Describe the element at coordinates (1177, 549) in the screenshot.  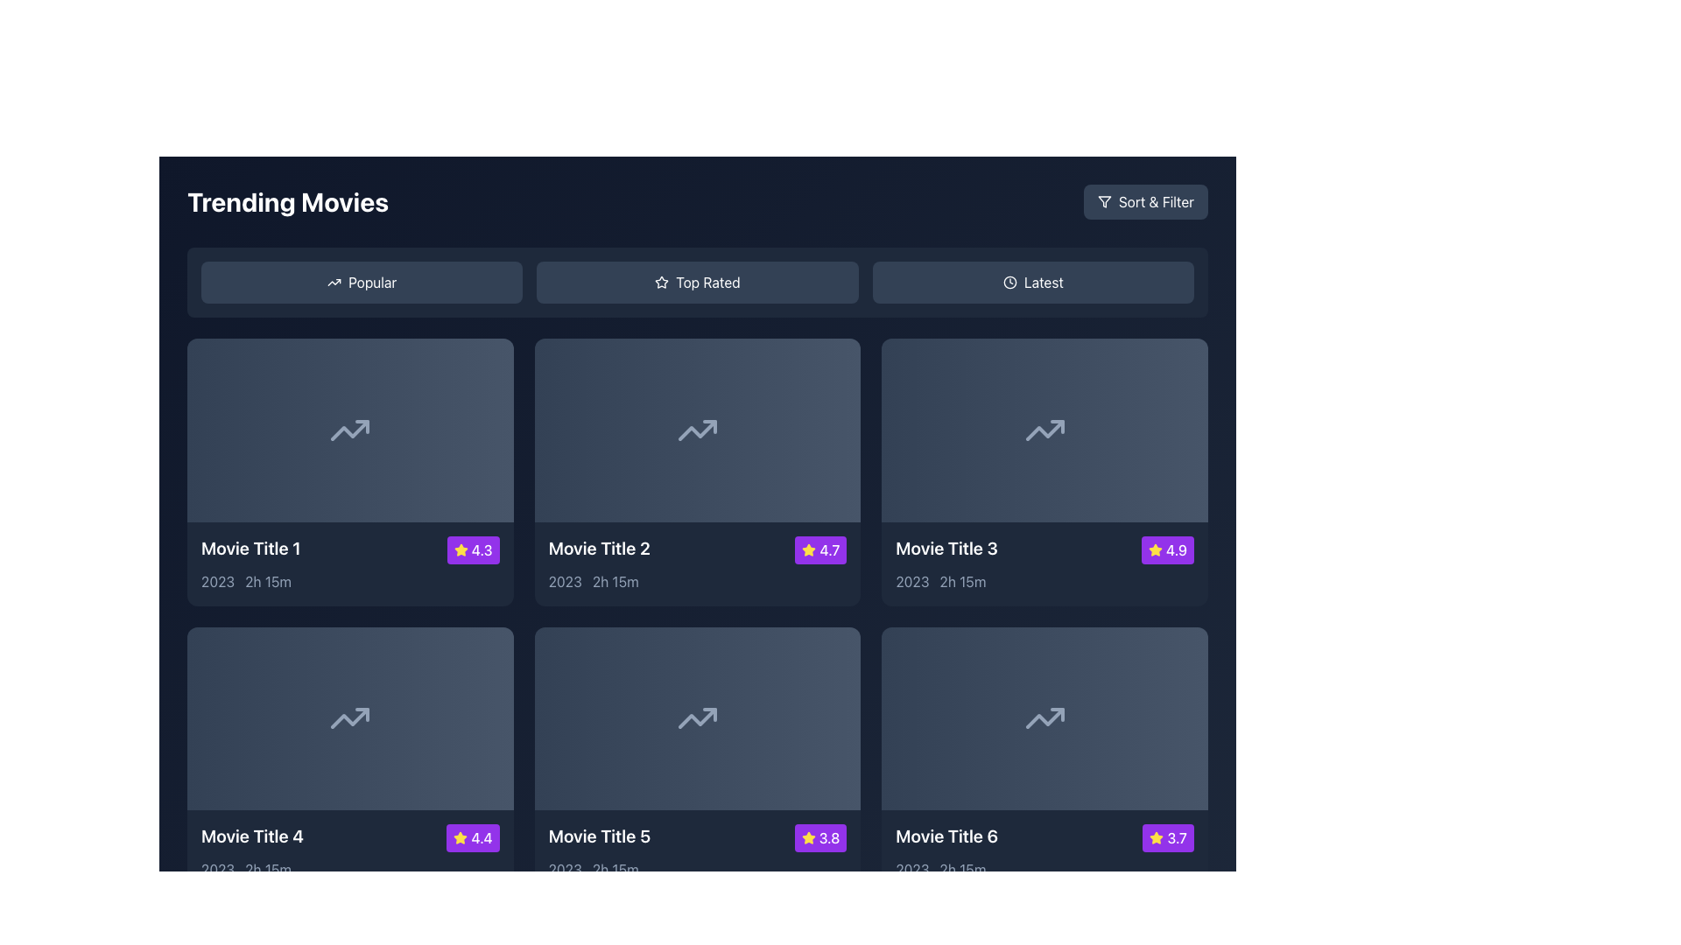
I see `the text label displaying the rating '4.9' in white font on a purple background, located within the bottom-right section of the 'Movie Title 3' card` at that location.